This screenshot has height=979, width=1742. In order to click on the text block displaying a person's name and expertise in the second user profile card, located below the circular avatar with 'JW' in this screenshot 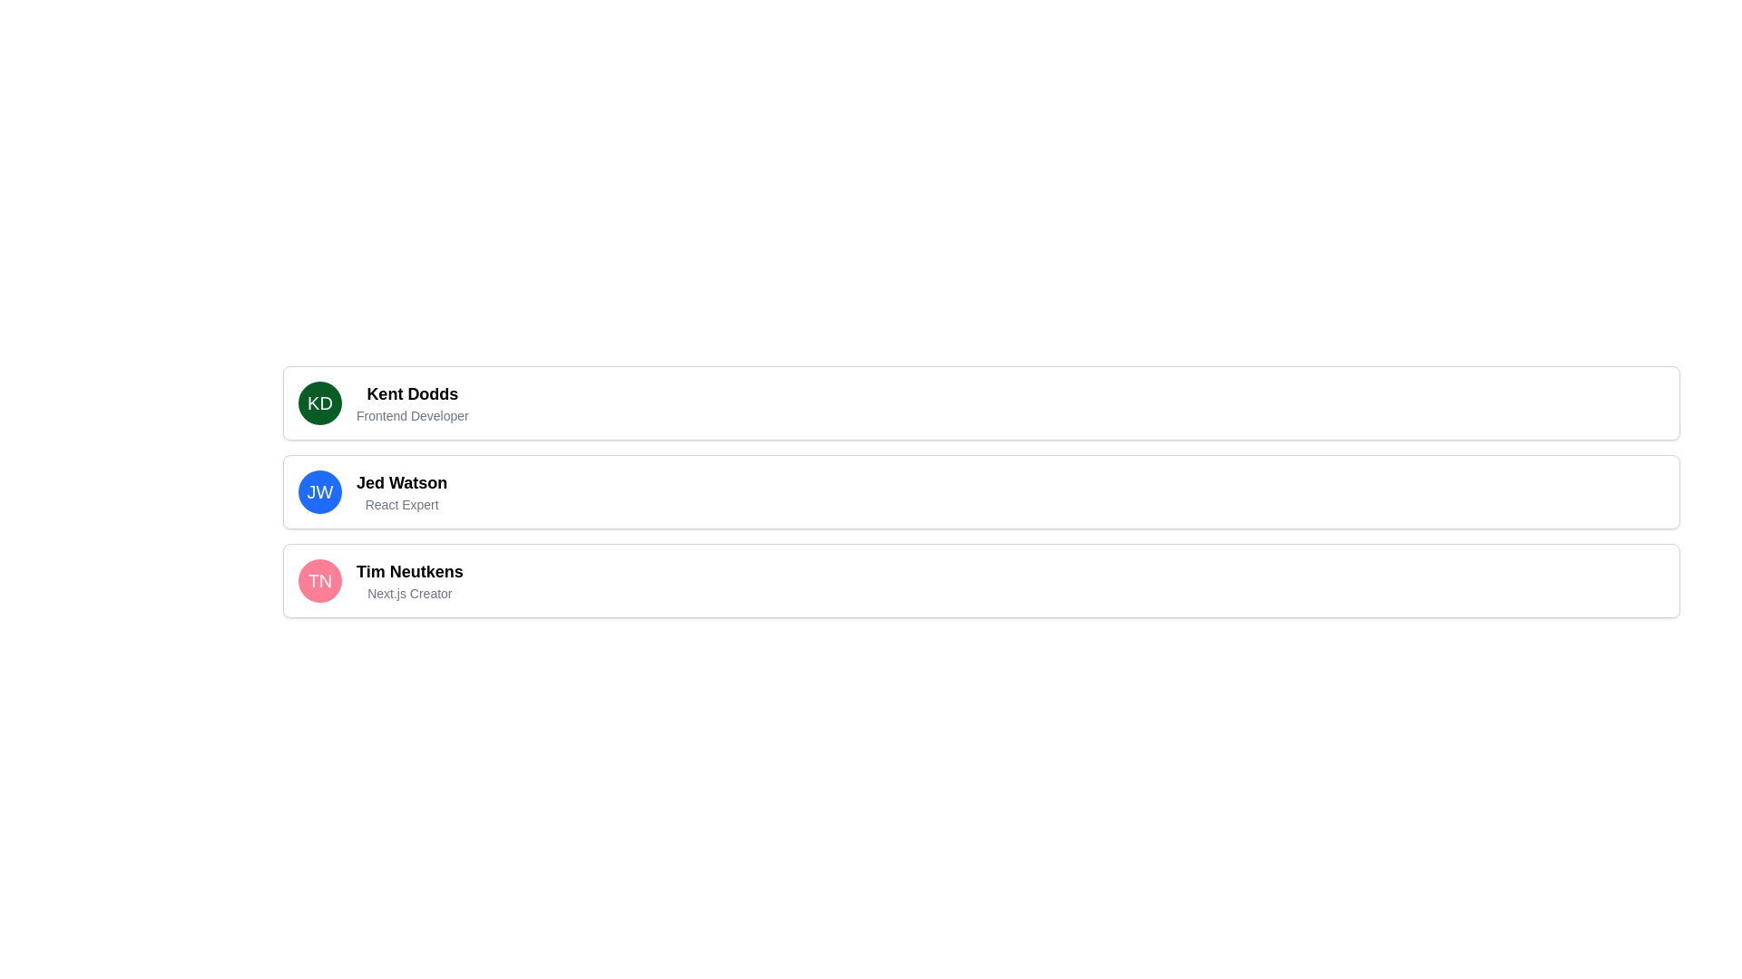, I will do `click(401, 492)`.